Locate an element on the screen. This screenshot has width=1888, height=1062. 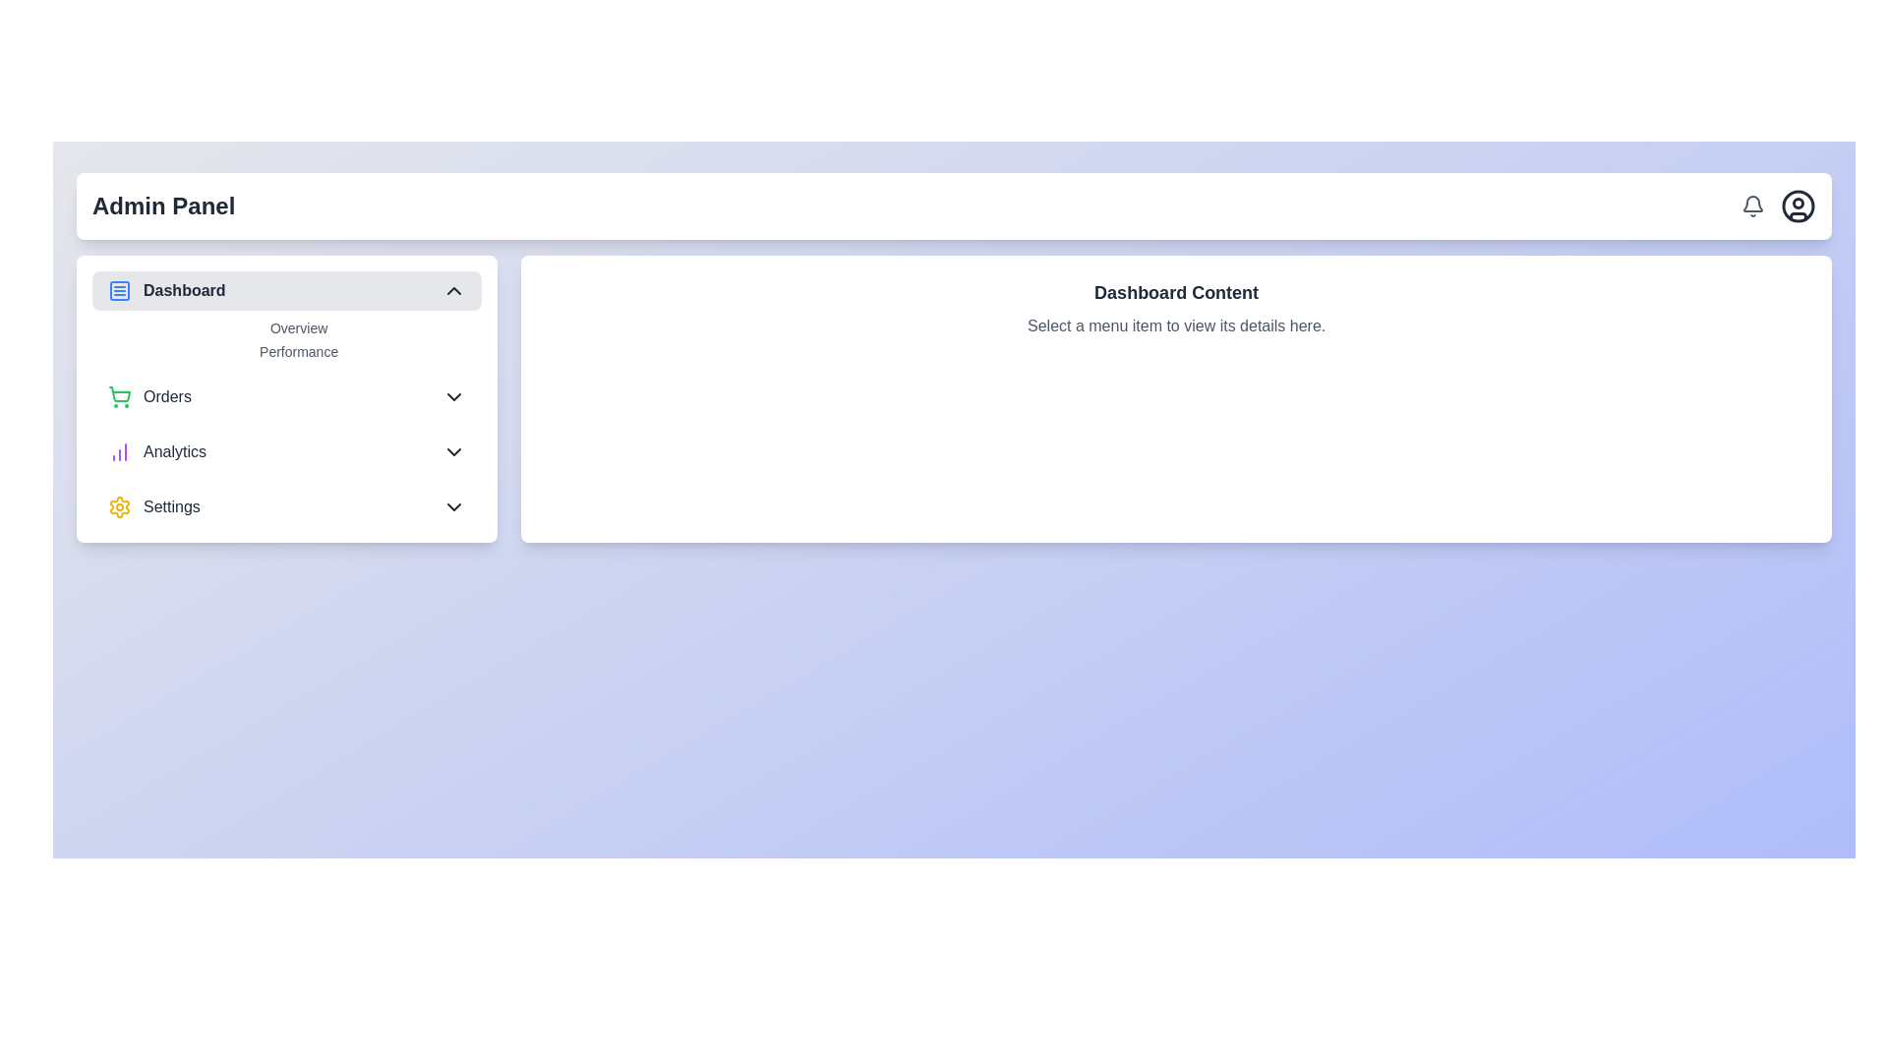
the upward-pointing chevron icon button located at the far right of the 'Dashboard' section header is located at coordinates (453, 291).